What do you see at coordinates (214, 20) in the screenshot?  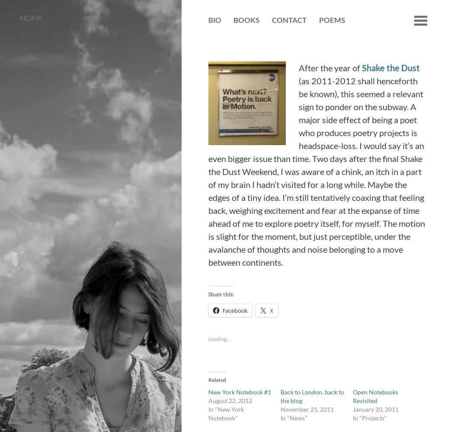 I see `'Bio'` at bounding box center [214, 20].